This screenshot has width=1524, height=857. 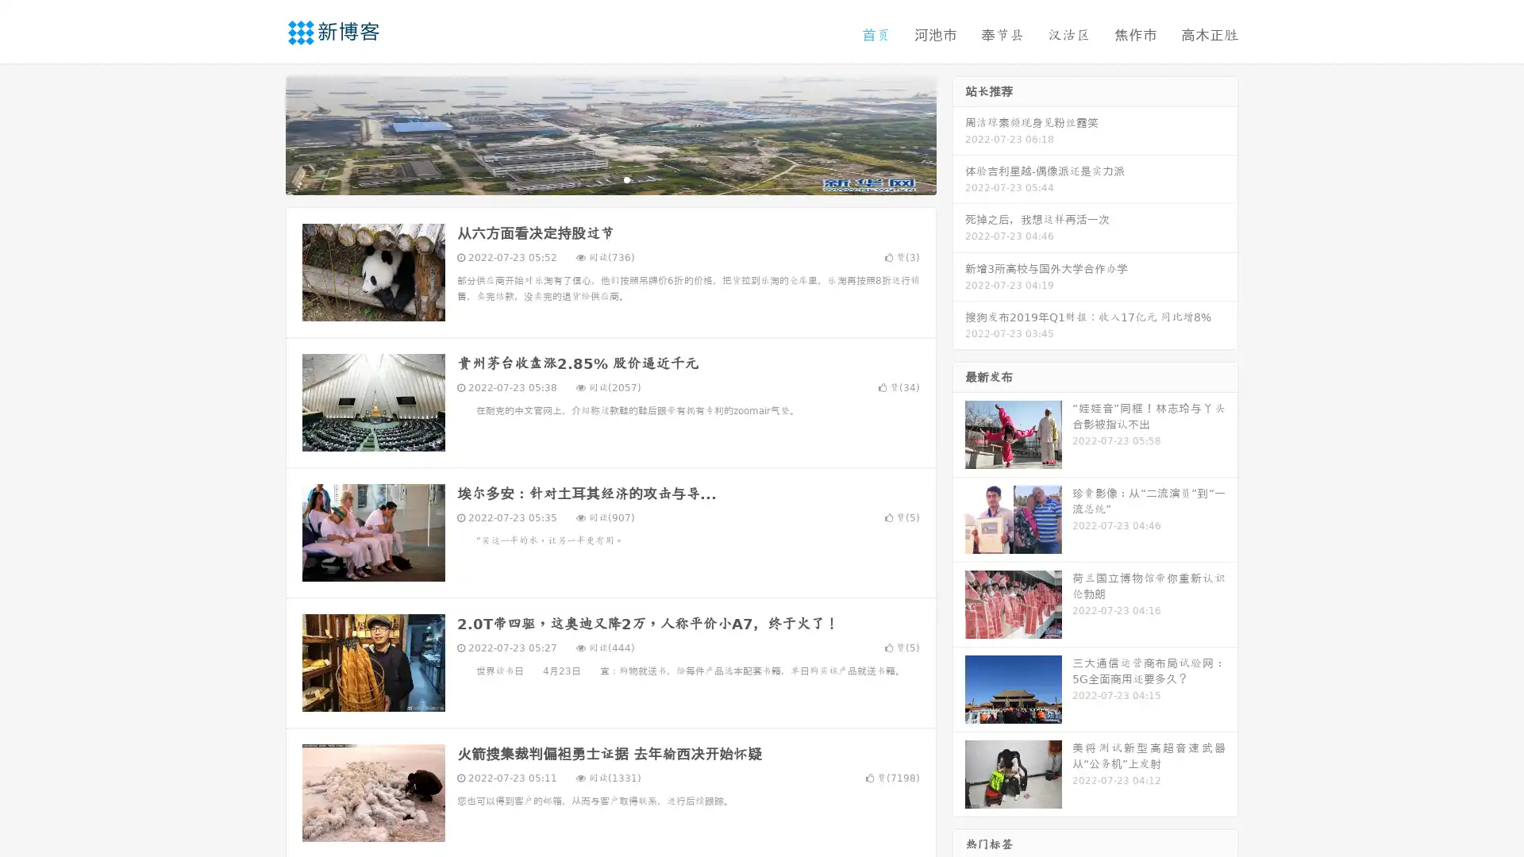 I want to click on Previous slide, so click(x=262, y=133).